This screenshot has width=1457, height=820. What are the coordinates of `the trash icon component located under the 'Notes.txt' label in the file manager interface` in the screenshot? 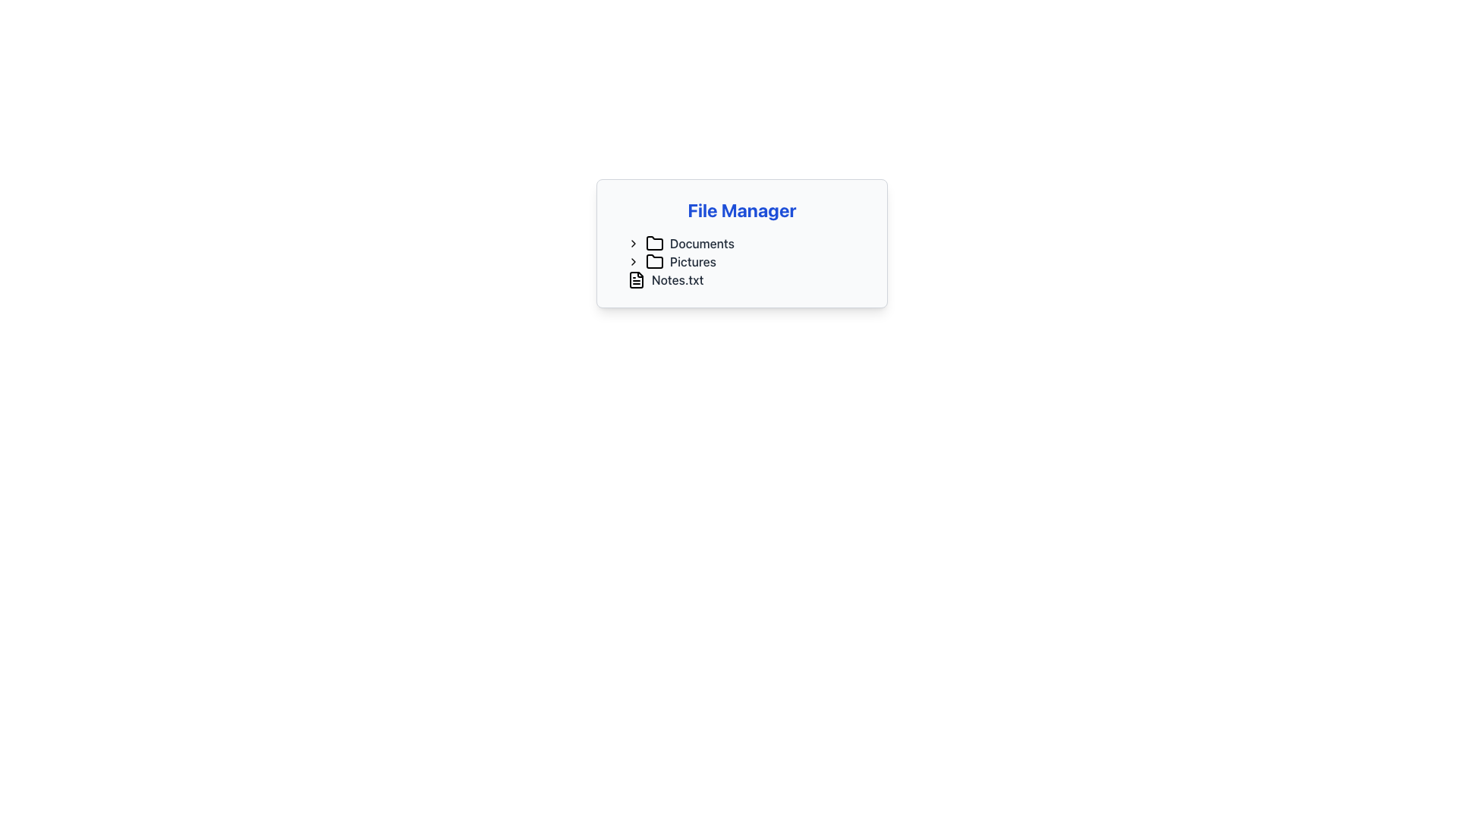 It's located at (731, 281).